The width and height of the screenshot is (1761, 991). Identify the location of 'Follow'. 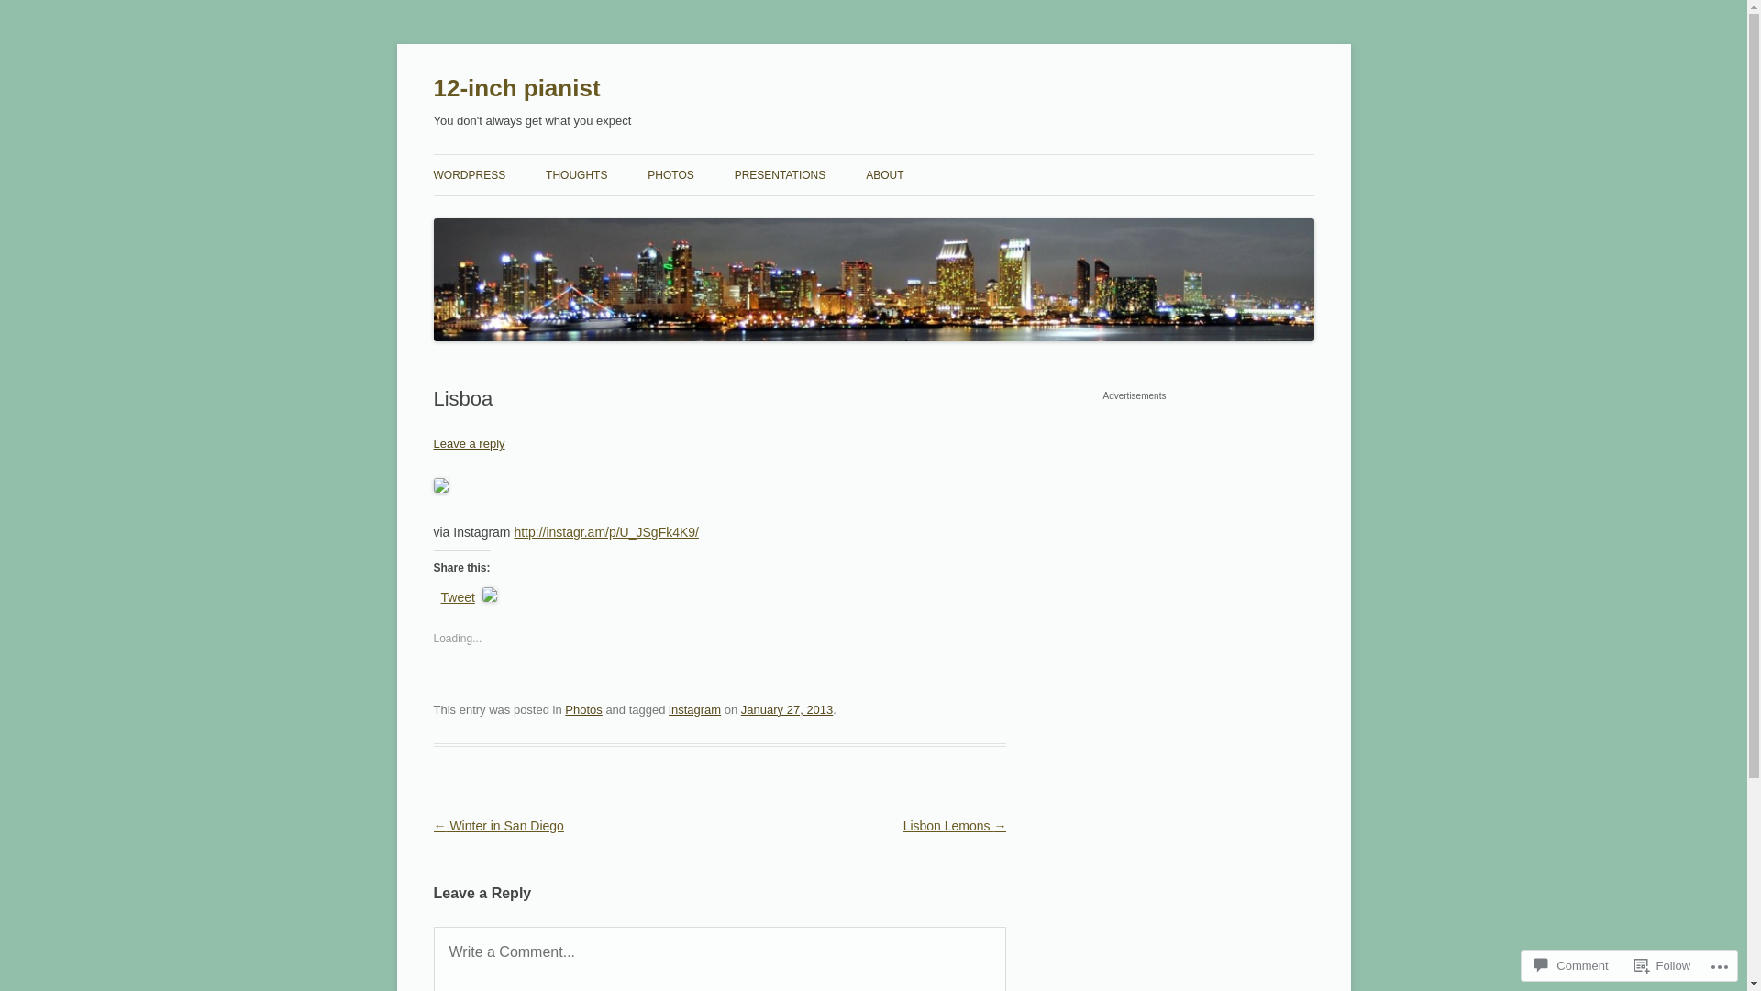
(1663, 964).